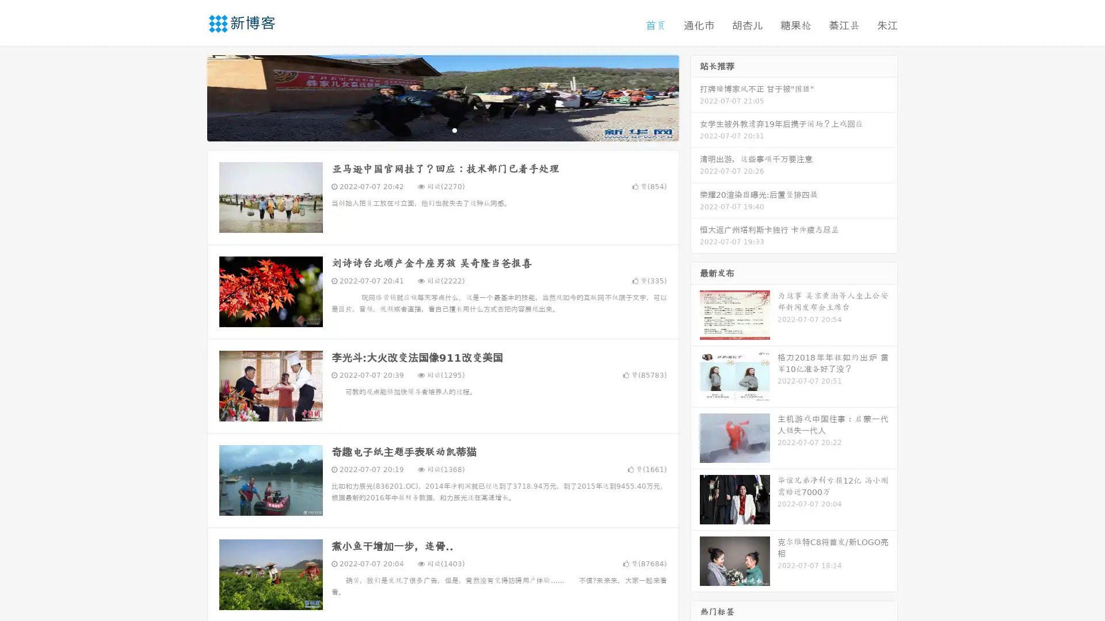 This screenshot has height=621, width=1105. I want to click on Go to slide 2, so click(442, 129).